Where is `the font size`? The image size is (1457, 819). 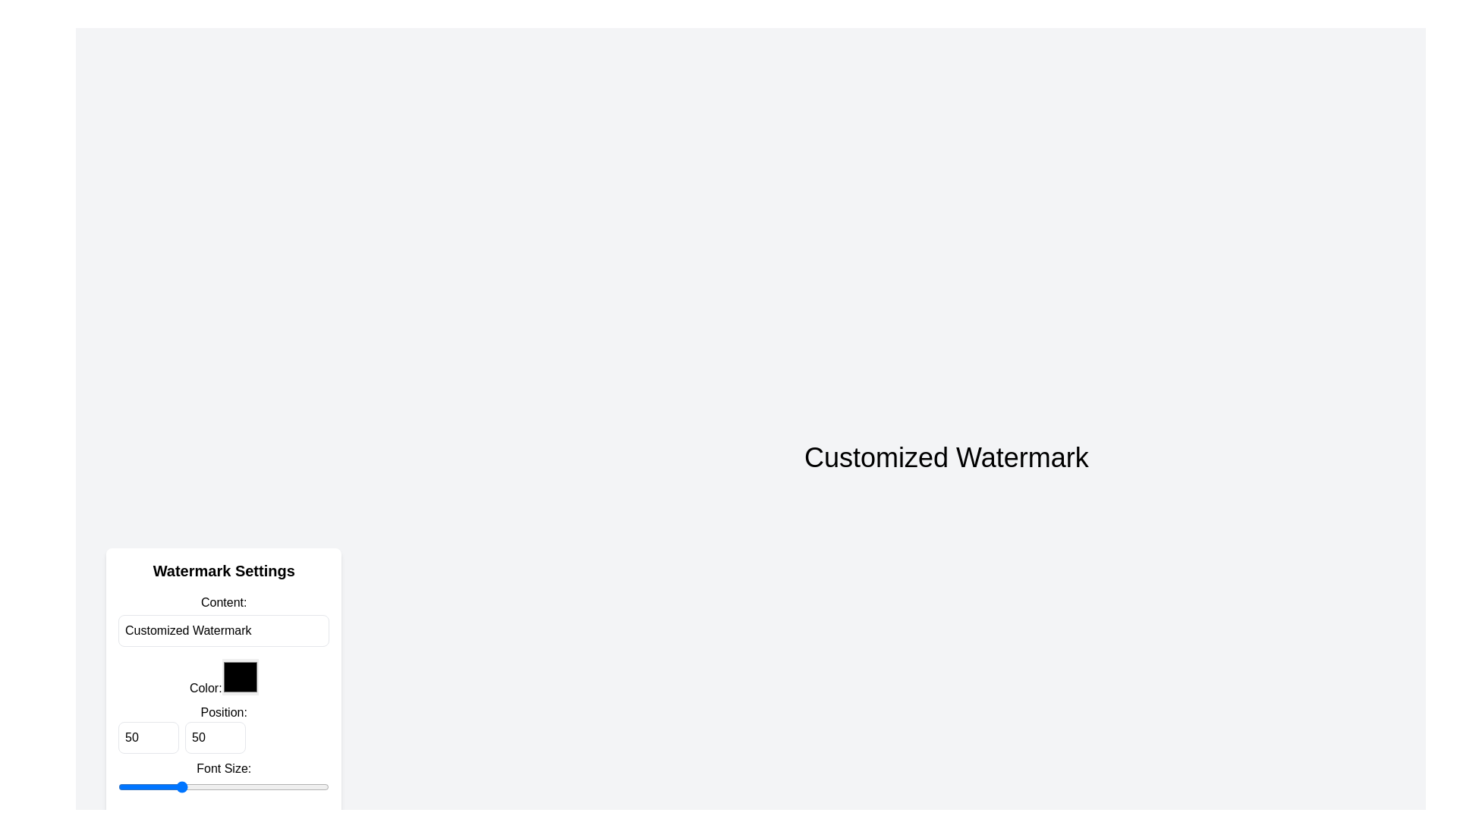
the font size is located at coordinates (158, 786).